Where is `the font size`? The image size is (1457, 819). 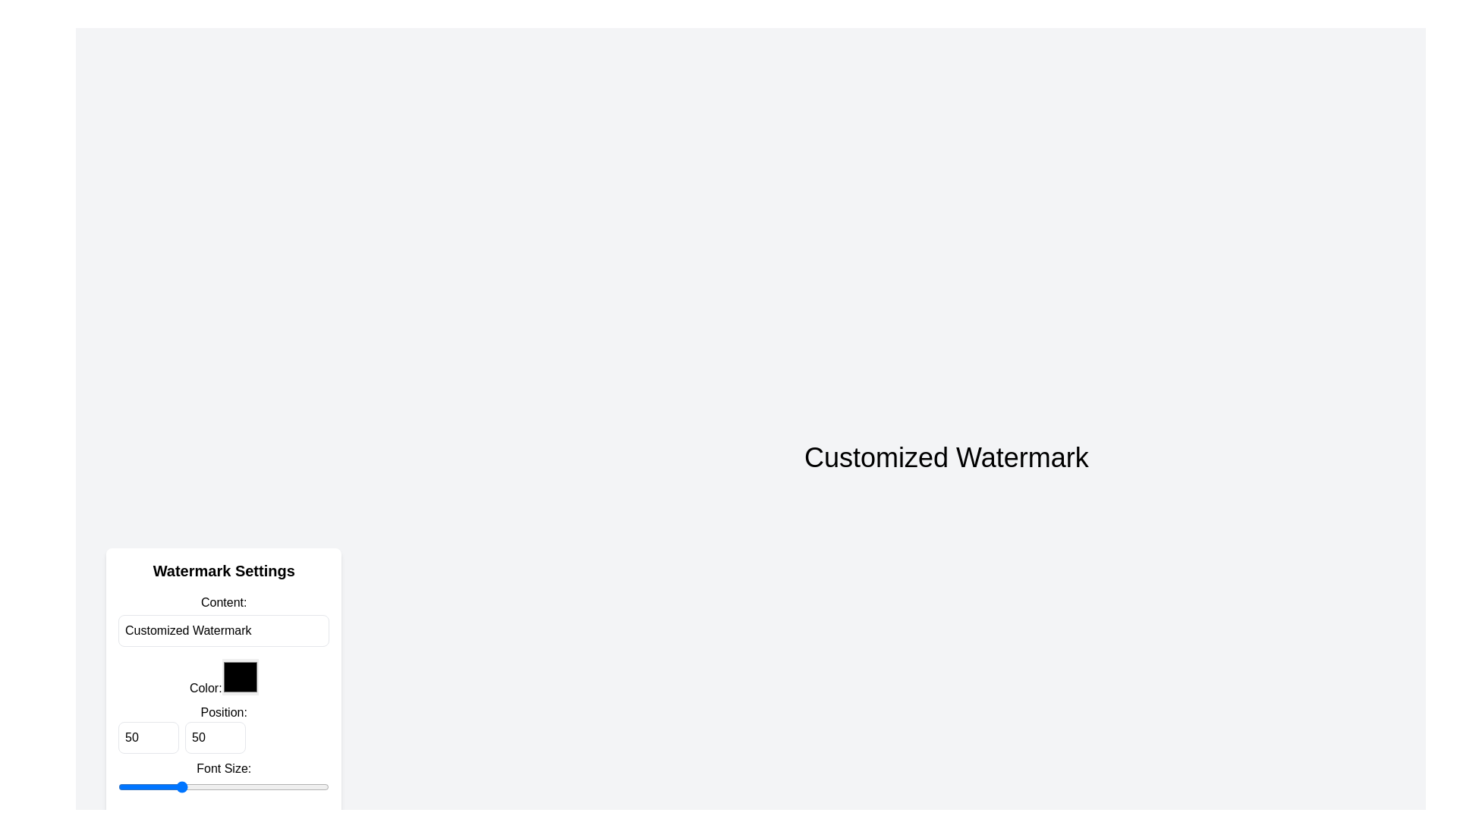
the font size is located at coordinates (158, 786).